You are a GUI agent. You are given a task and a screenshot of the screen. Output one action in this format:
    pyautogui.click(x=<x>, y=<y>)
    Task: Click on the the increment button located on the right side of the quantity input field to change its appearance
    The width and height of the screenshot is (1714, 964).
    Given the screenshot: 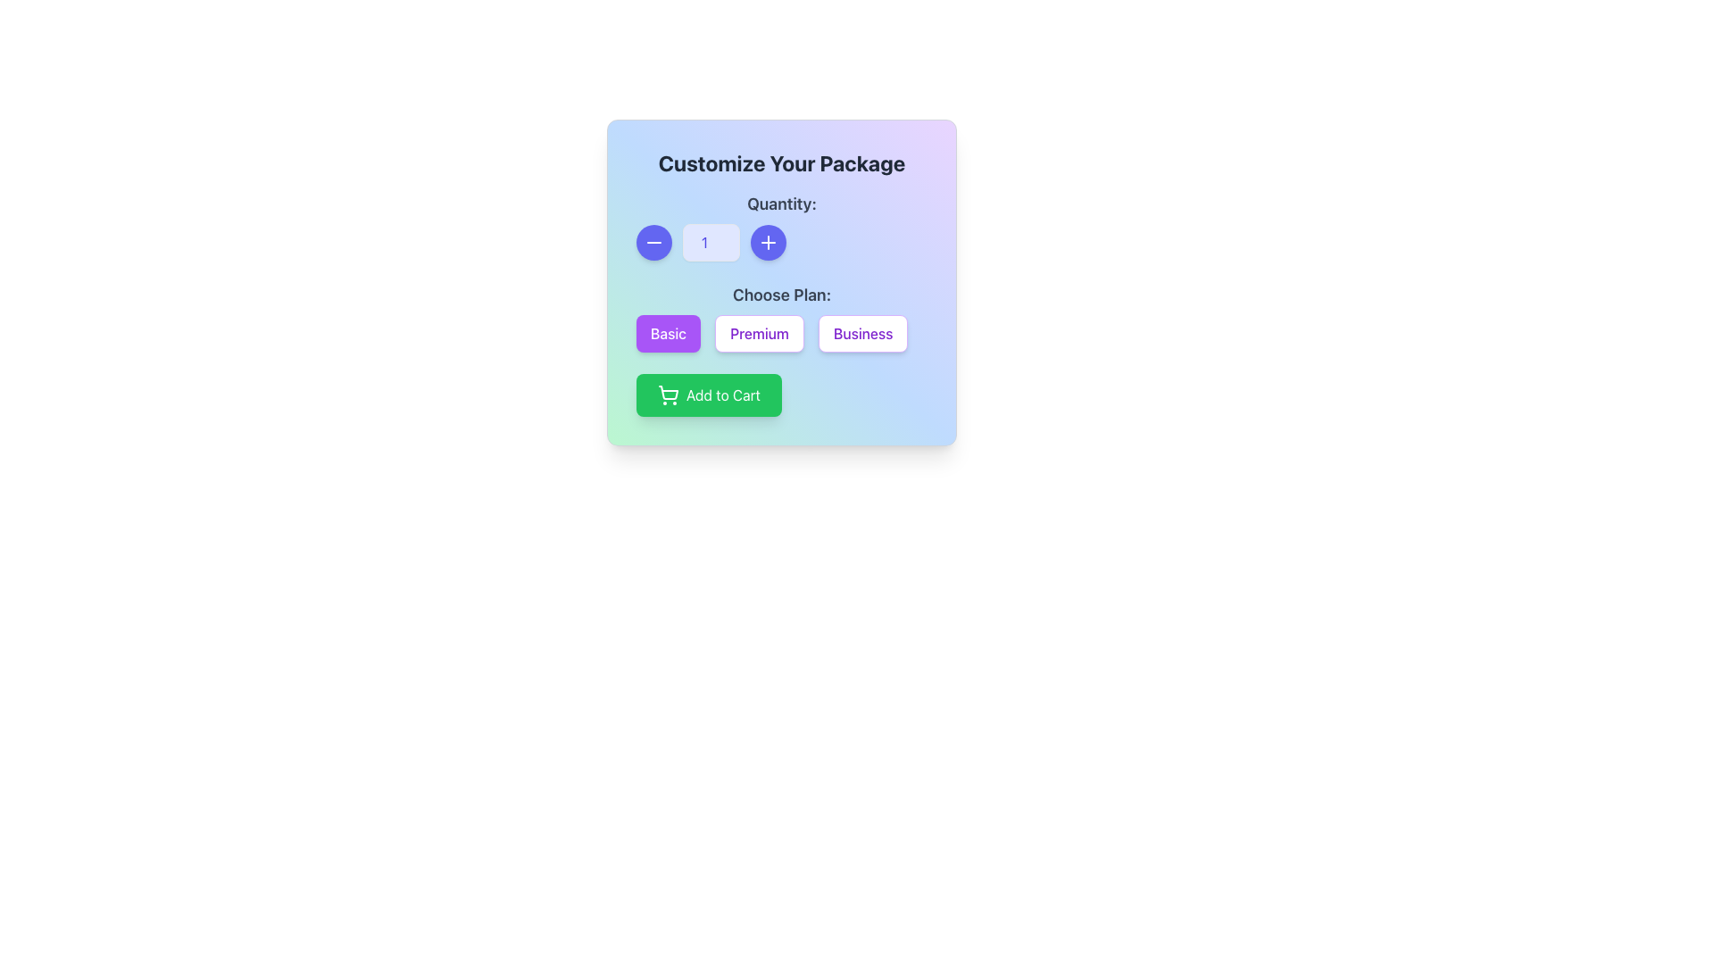 What is the action you would take?
    pyautogui.click(x=781, y=243)
    